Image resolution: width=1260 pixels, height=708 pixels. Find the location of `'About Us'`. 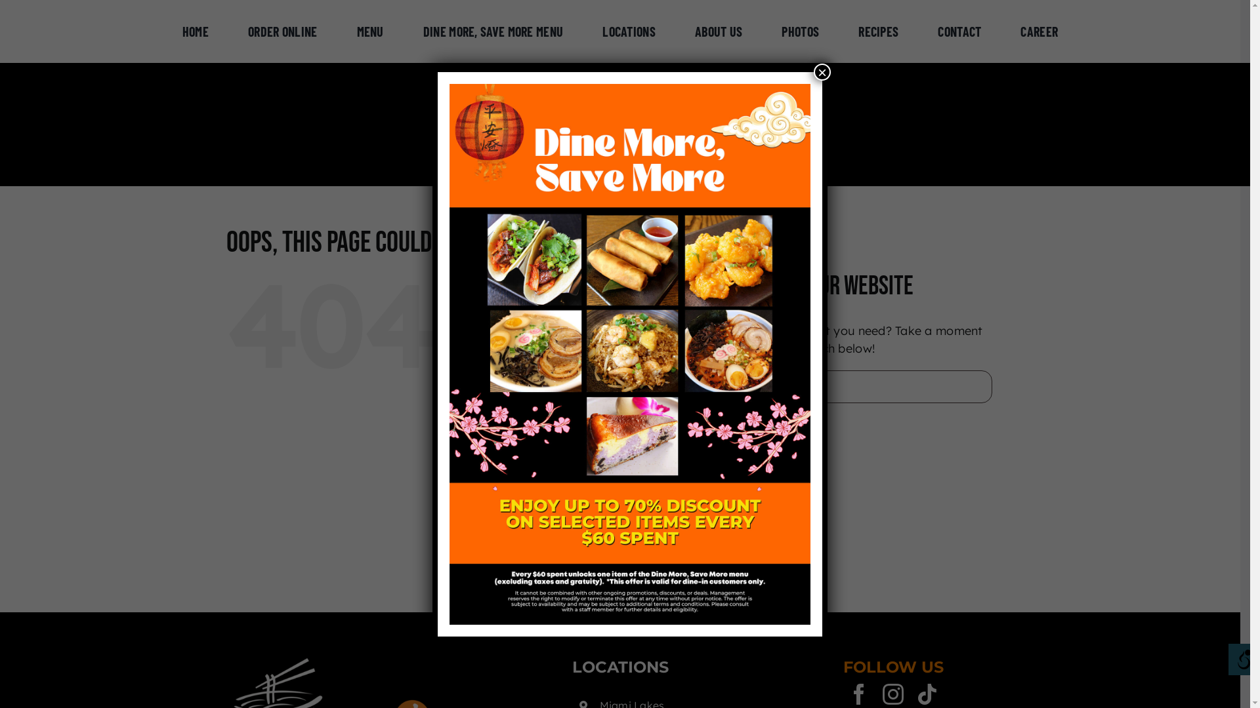

'About Us' is located at coordinates (574, 459).